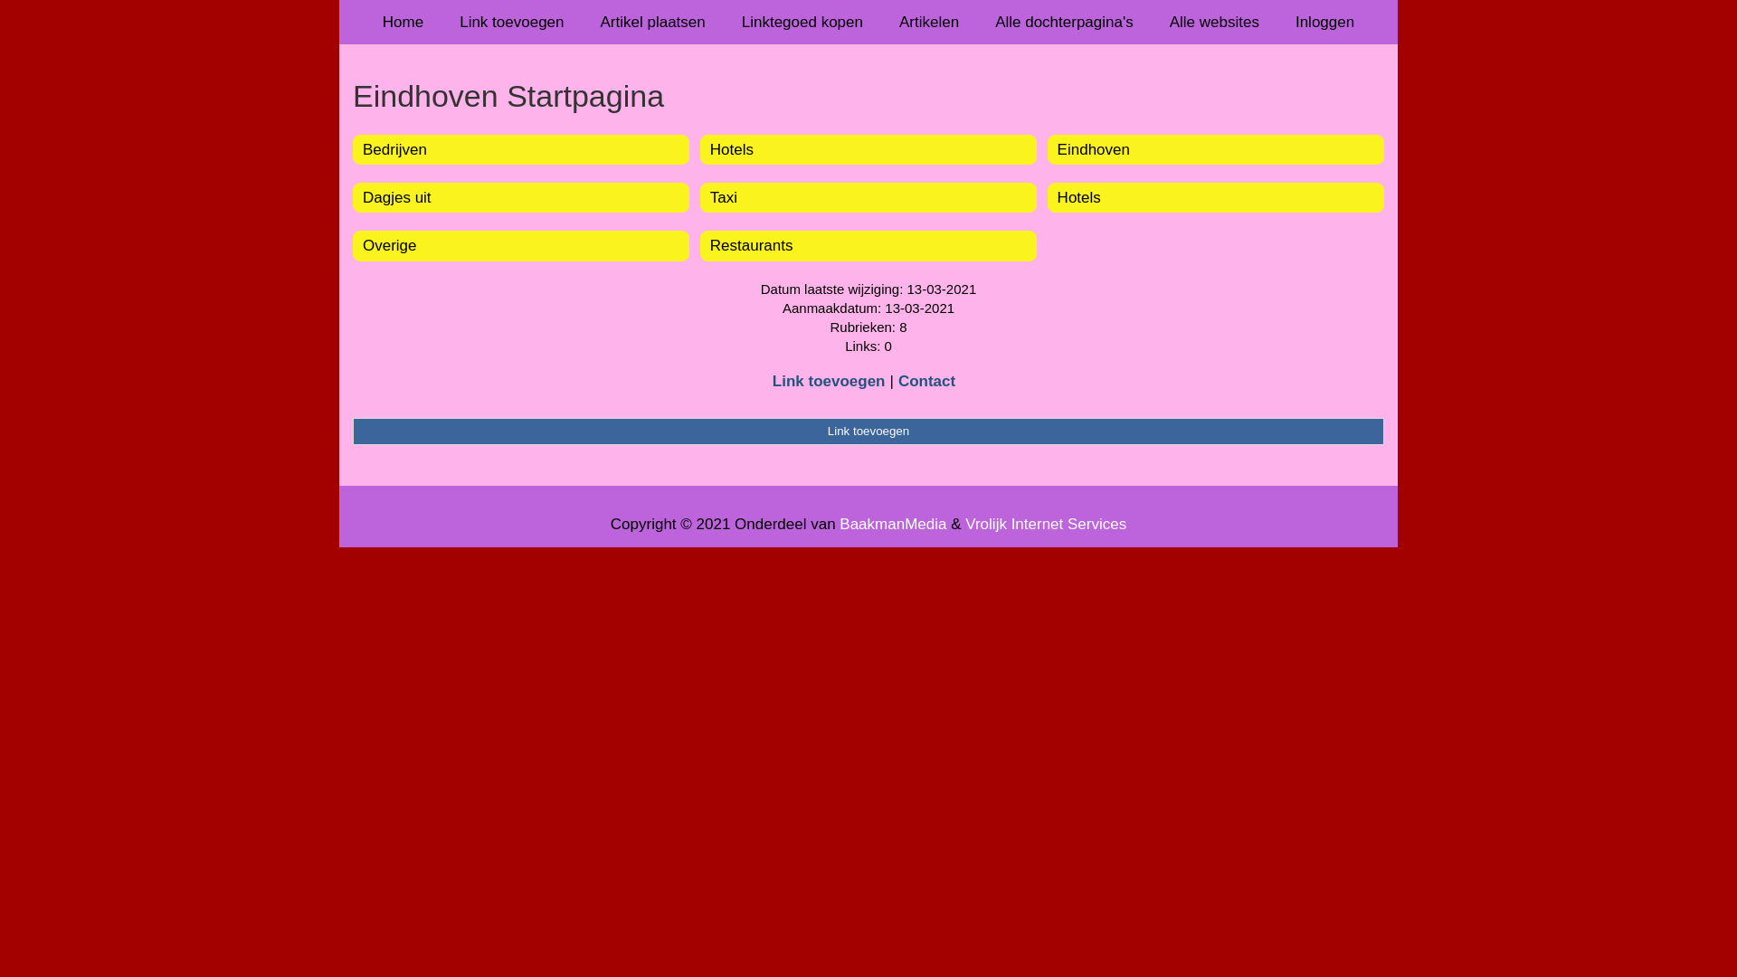  I want to click on 'Alle websites', so click(1214, 22).